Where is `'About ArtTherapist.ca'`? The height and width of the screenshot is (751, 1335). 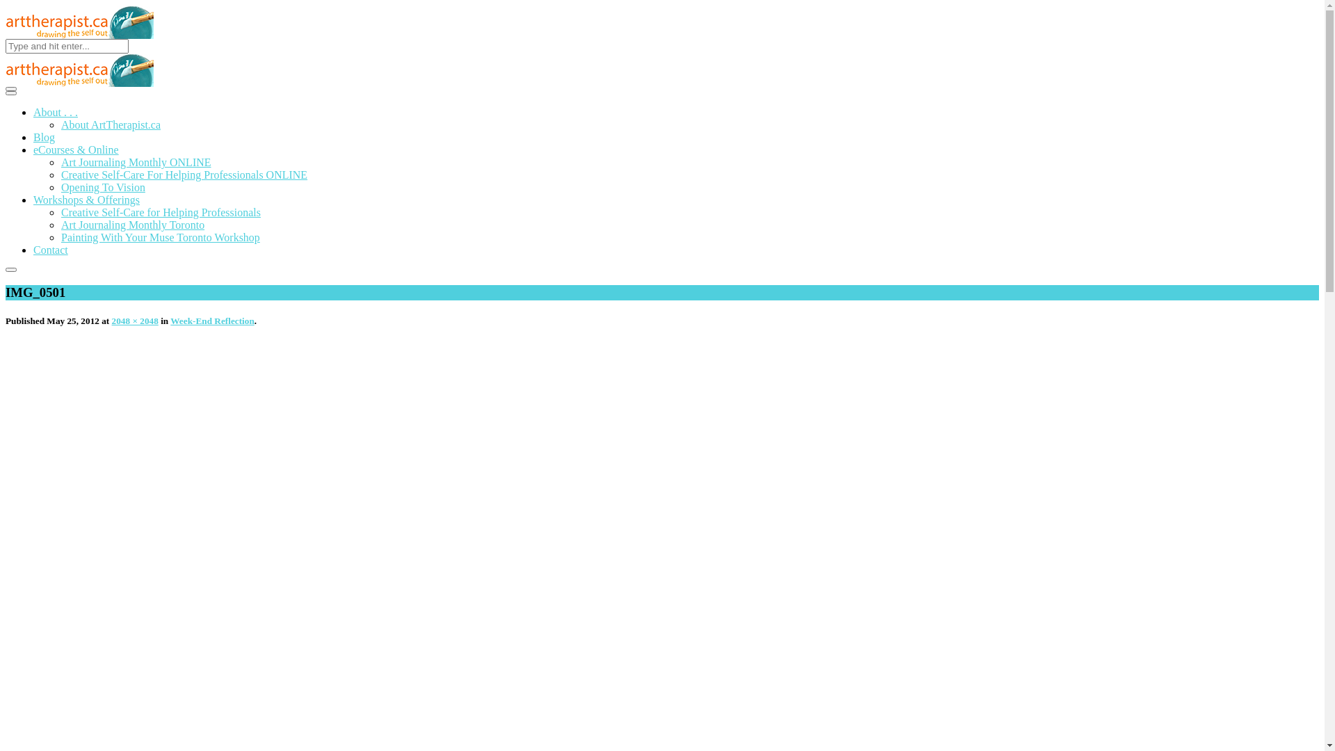 'About ArtTherapist.ca' is located at coordinates (110, 124).